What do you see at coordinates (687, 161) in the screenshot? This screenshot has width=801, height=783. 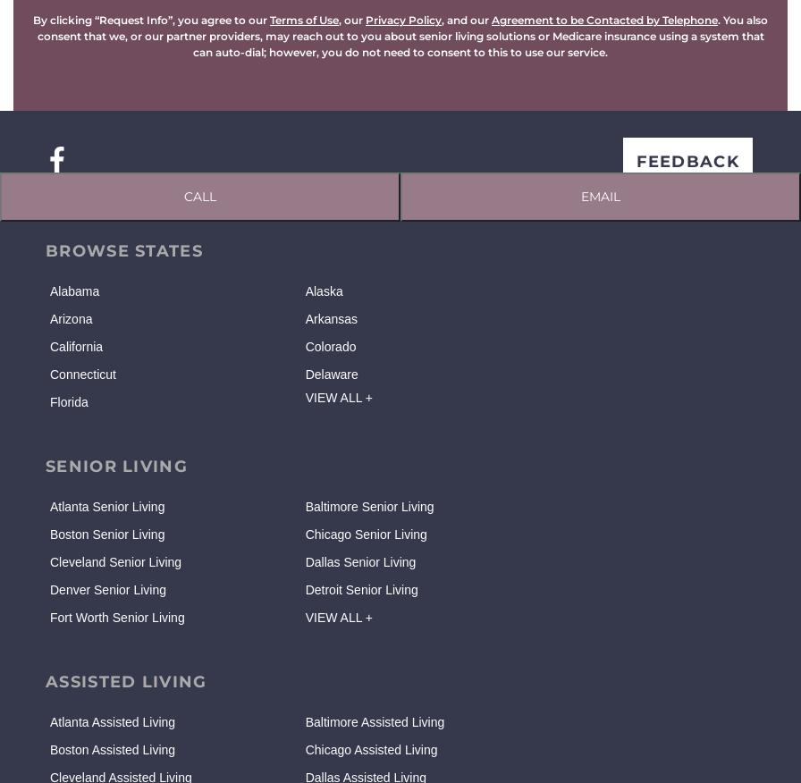 I see `'FEEDBACK'` at bounding box center [687, 161].